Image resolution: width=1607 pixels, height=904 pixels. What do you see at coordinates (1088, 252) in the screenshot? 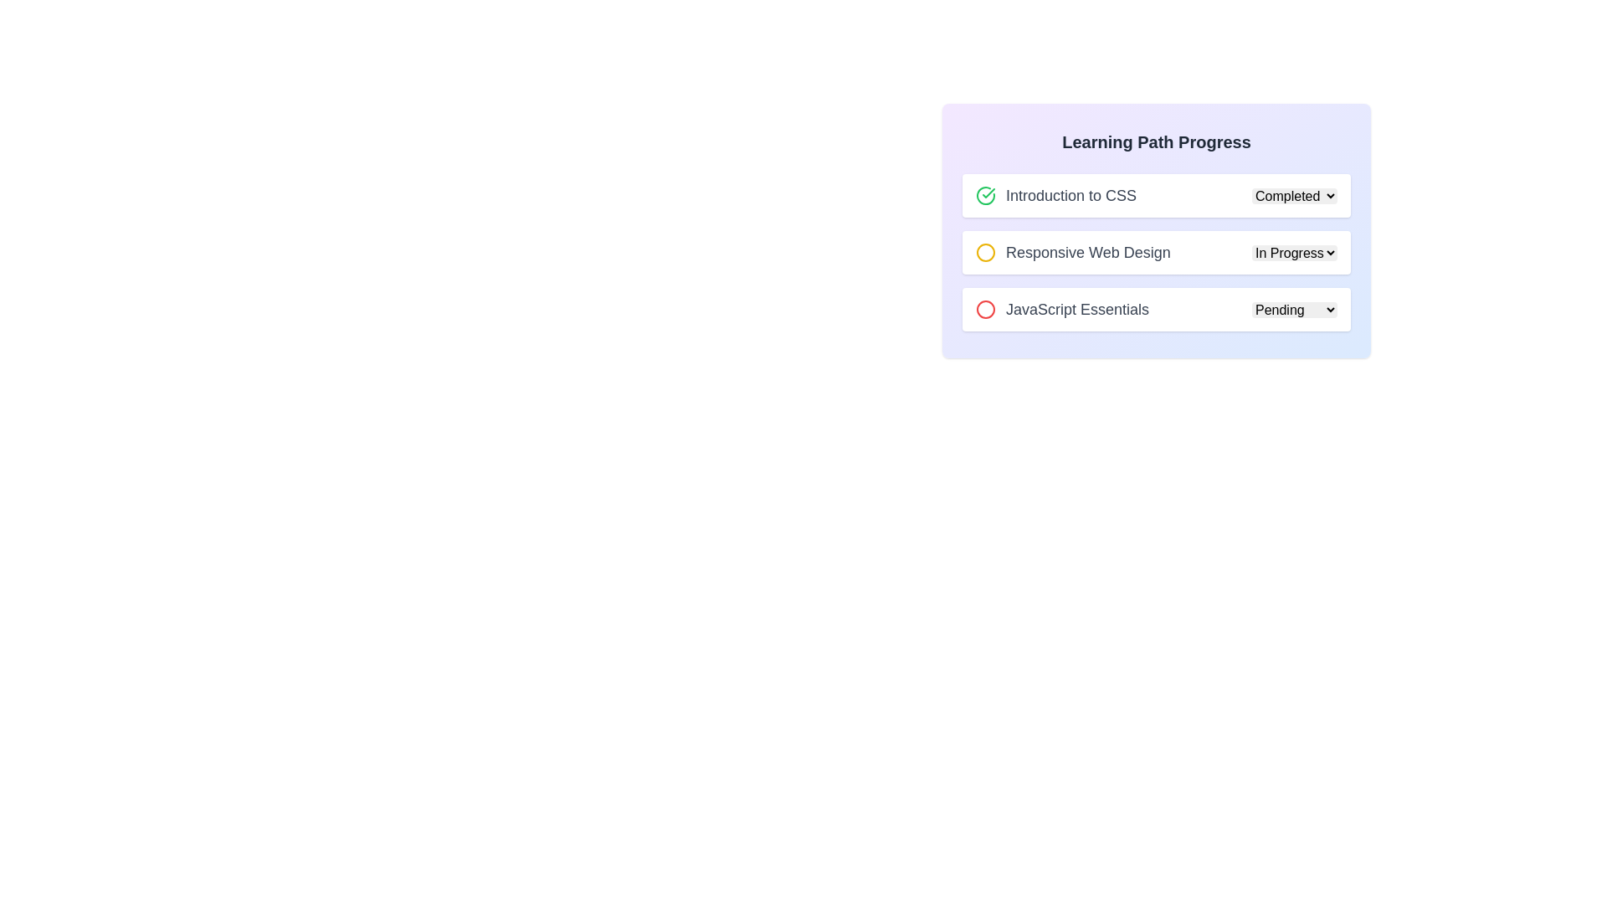
I see `text label displaying 'Responsive Web Design' which is the second progress item in a vertical list, located in the center of the list to the right of a circular icon with a yellow outline` at bounding box center [1088, 252].